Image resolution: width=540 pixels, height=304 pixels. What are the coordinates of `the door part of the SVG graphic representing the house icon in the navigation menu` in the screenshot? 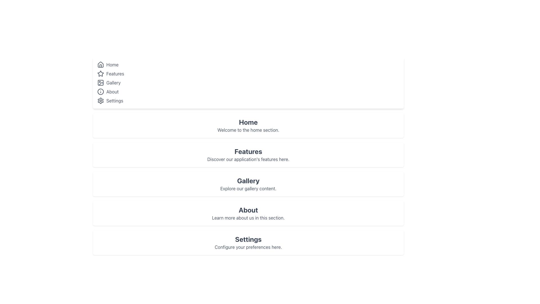 It's located at (101, 66).